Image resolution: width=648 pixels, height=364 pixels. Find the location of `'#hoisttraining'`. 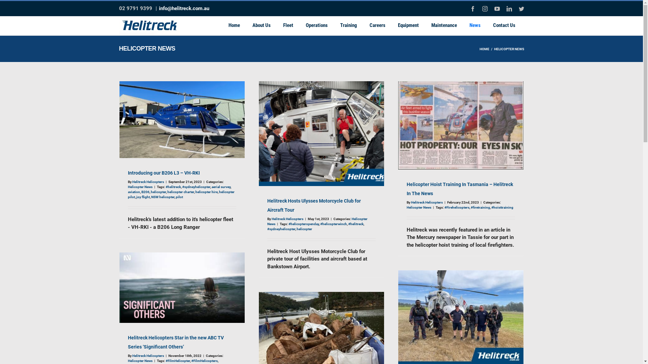

'#hoisttraining' is located at coordinates (491, 207).